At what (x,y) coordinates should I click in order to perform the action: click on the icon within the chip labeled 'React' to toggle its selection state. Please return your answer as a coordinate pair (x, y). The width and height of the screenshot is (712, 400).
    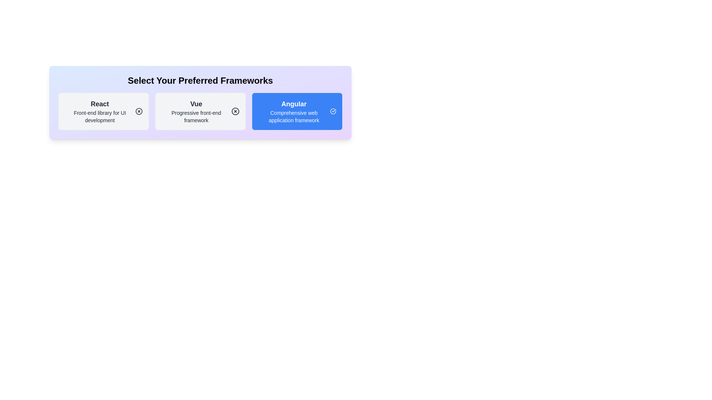
    Looking at the image, I should click on (139, 111).